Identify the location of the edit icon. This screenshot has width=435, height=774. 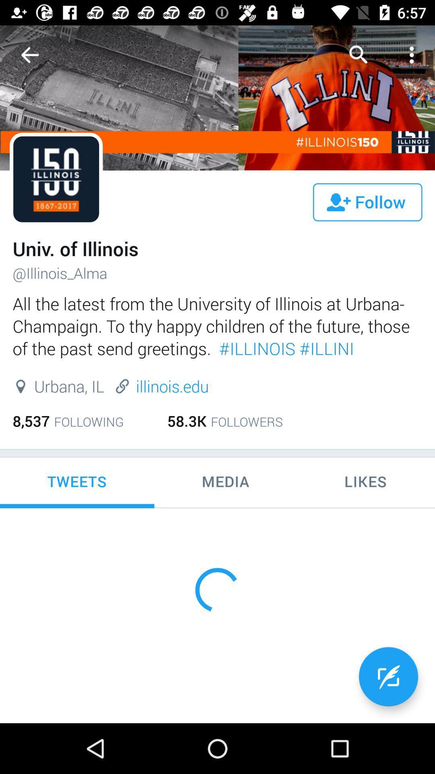
(388, 676).